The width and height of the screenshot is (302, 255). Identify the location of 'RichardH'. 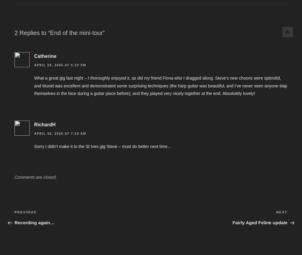
(45, 124).